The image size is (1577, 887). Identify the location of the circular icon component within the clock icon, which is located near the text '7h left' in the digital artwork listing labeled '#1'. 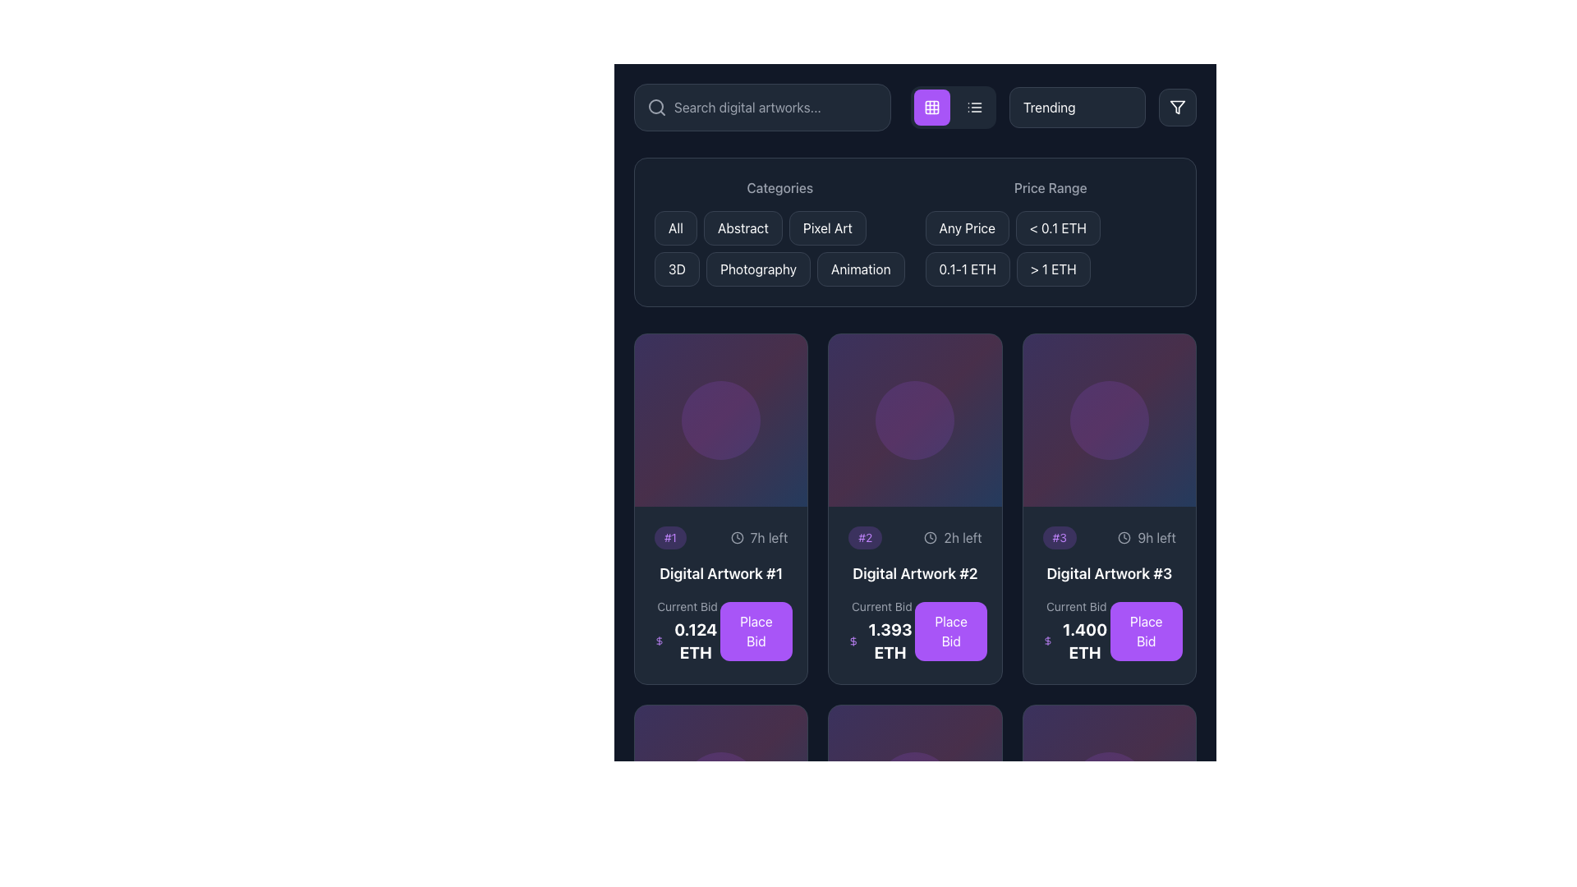
(736, 538).